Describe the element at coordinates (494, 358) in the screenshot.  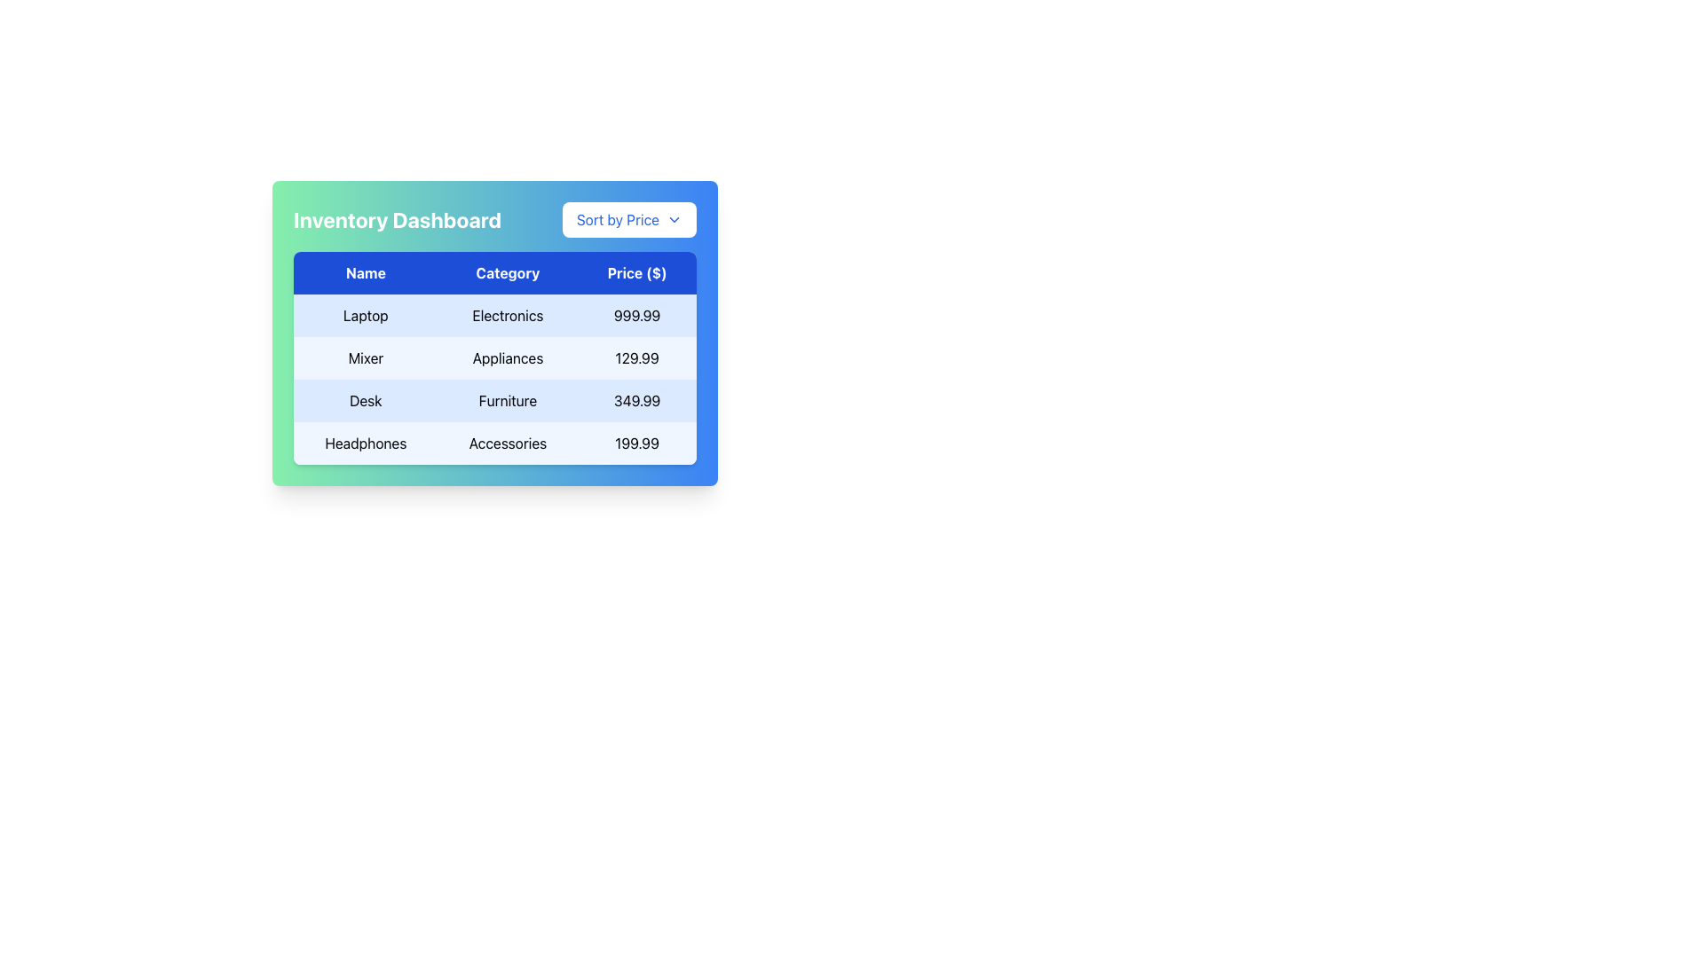
I see `the second row in the table that represents an item categorized as 'Mixer' with a price of '129.99'` at that location.